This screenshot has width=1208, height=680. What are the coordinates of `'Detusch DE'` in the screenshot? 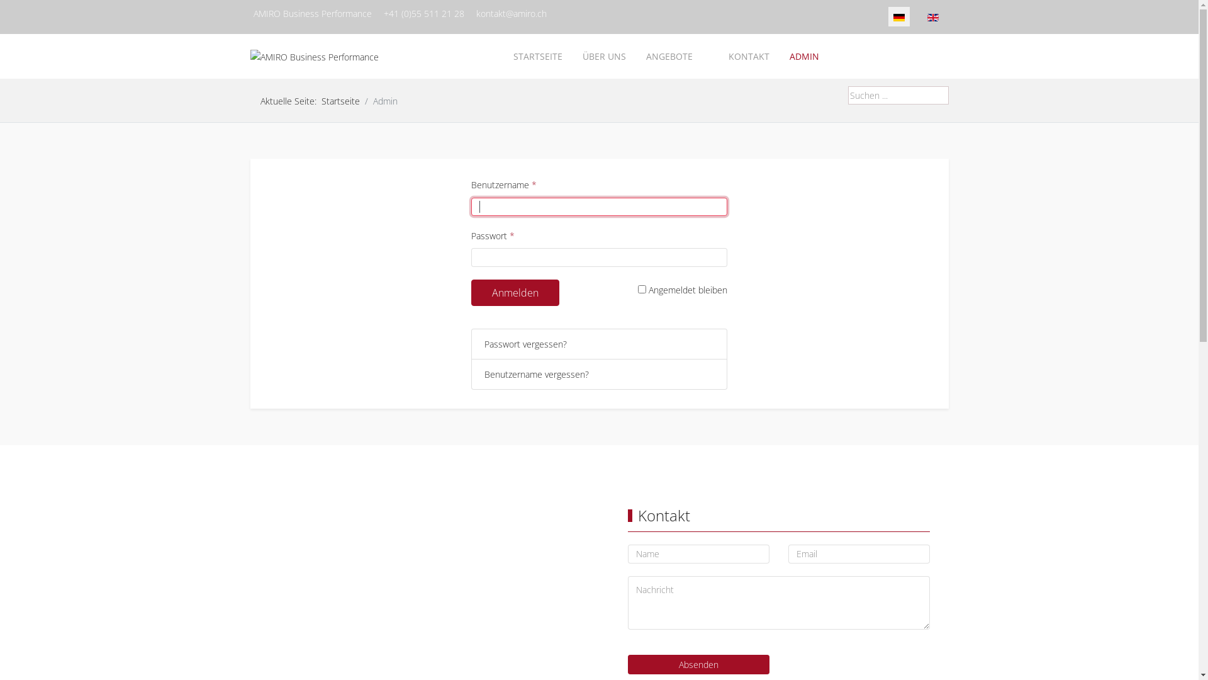 It's located at (893, 17).